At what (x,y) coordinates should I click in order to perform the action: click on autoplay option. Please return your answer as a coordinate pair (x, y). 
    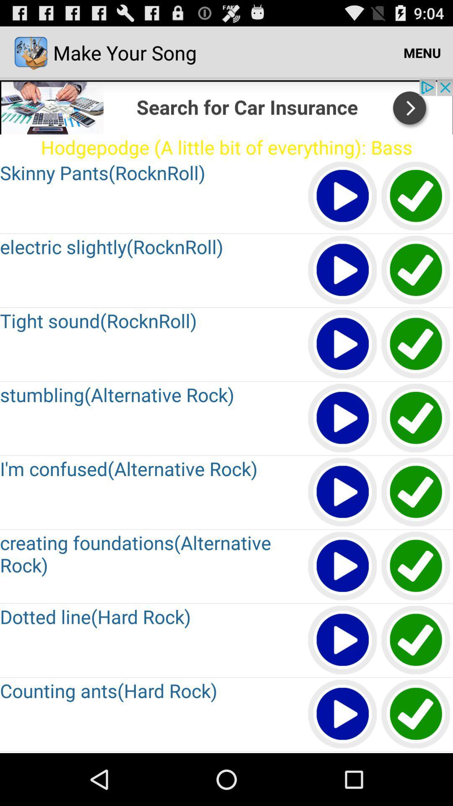
    Looking at the image, I should click on (343, 640).